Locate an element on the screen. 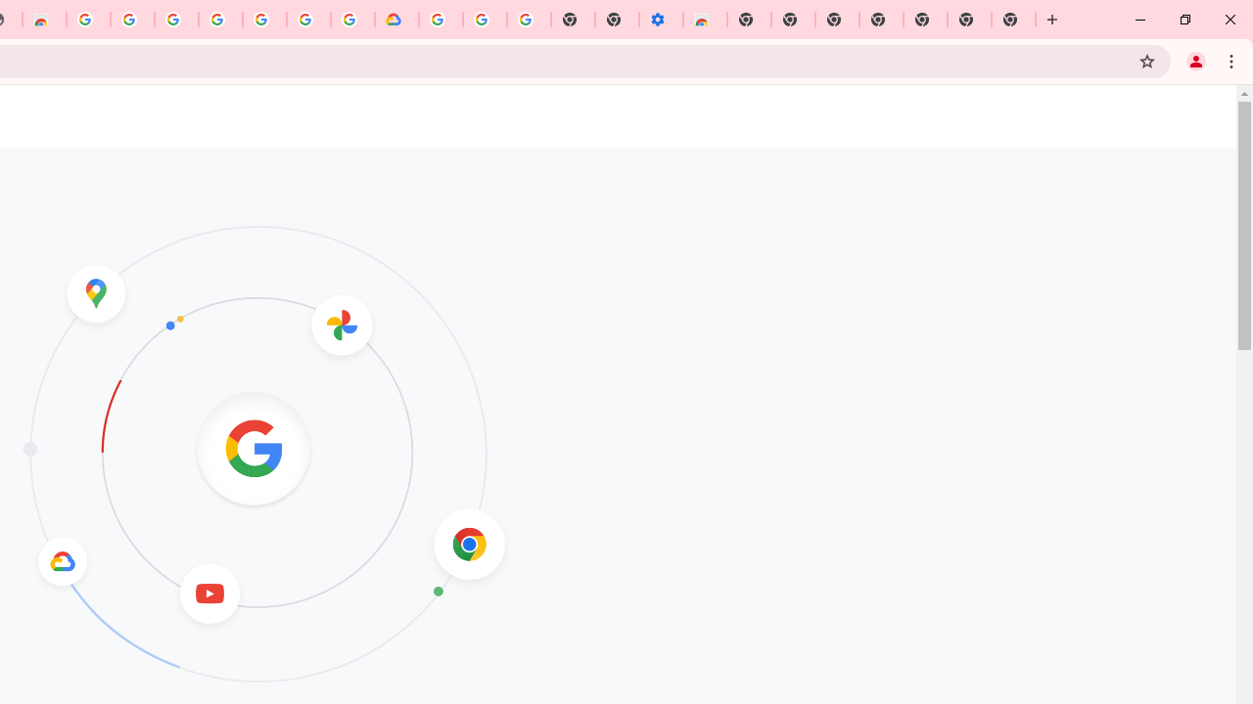  'Settings - Accessibility' is located at coordinates (661, 20).